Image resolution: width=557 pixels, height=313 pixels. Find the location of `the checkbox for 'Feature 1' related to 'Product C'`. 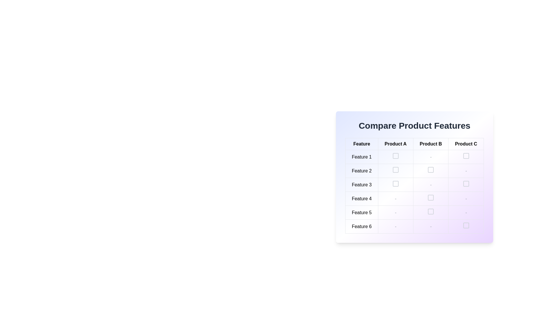

the checkbox for 'Feature 1' related to 'Product C' is located at coordinates (466, 157).